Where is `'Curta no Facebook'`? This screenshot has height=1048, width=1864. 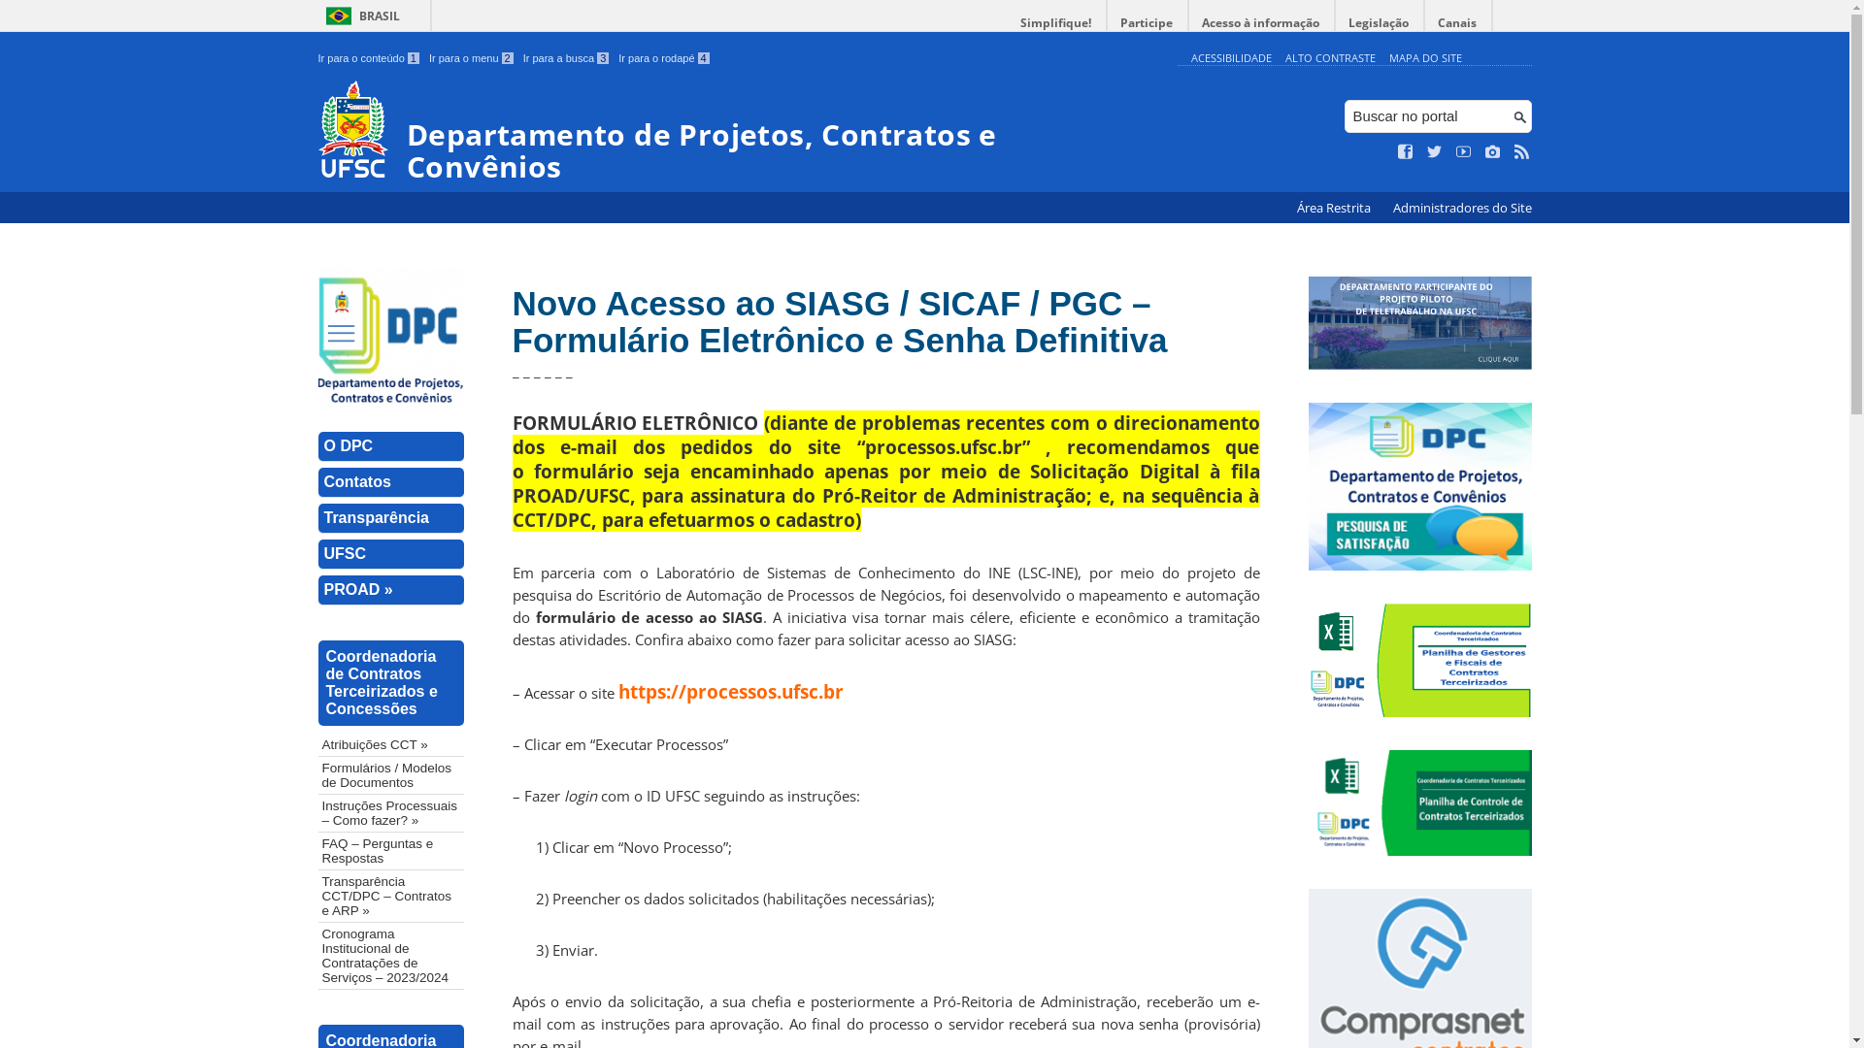
'Curta no Facebook' is located at coordinates (1406, 151).